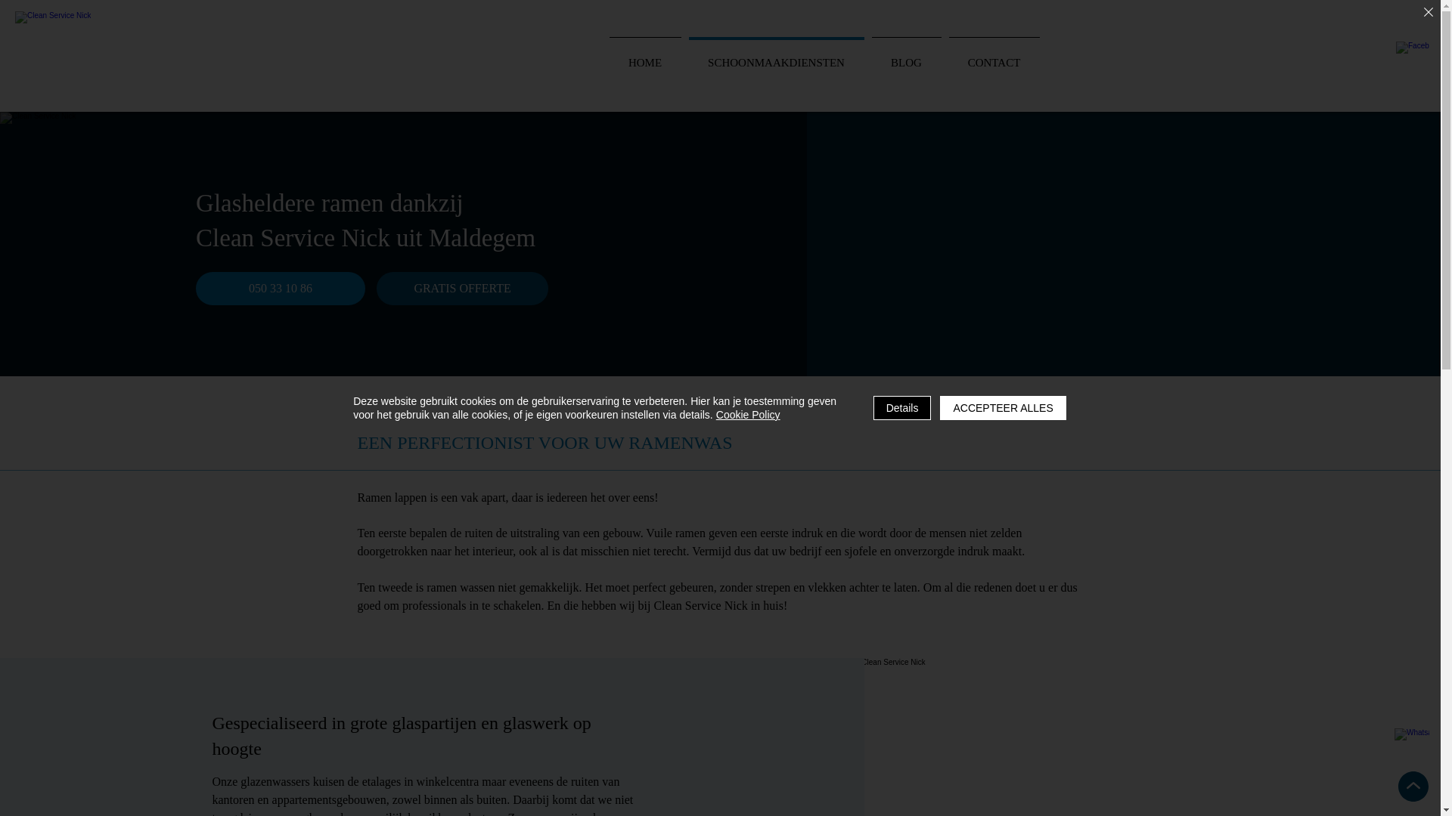 Image resolution: width=1452 pixels, height=816 pixels. Describe the element at coordinates (461, 288) in the screenshot. I see `'GRATIS OFFERTE'` at that location.